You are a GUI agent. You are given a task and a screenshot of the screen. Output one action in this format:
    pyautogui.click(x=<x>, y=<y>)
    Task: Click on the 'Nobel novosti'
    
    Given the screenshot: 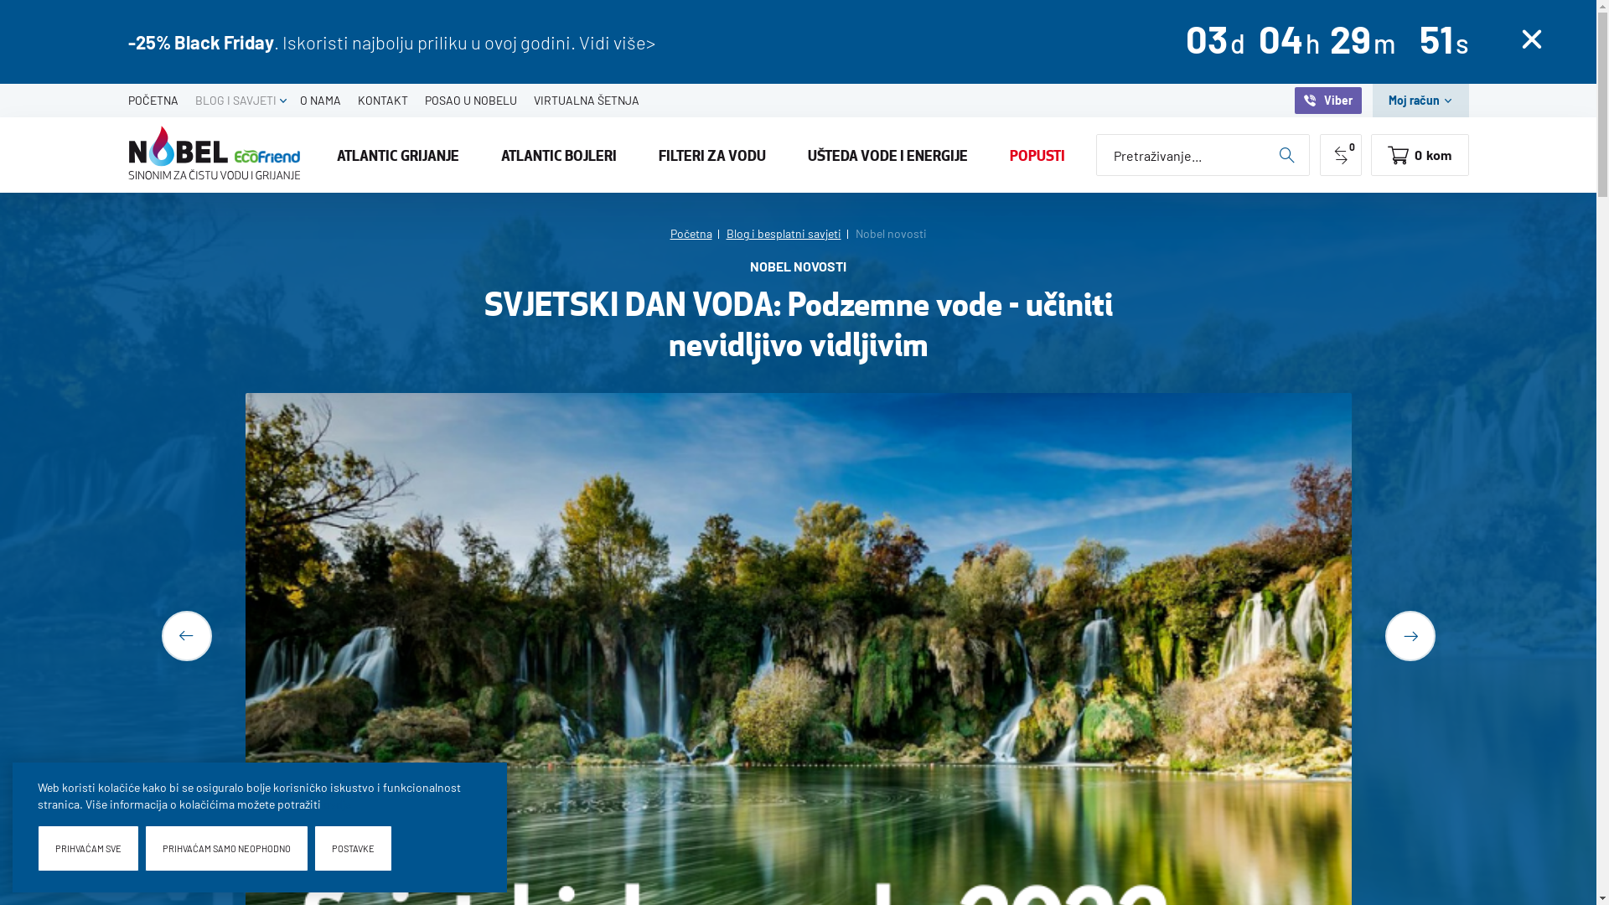 What is the action you would take?
    pyautogui.click(x=889, y=233)
    